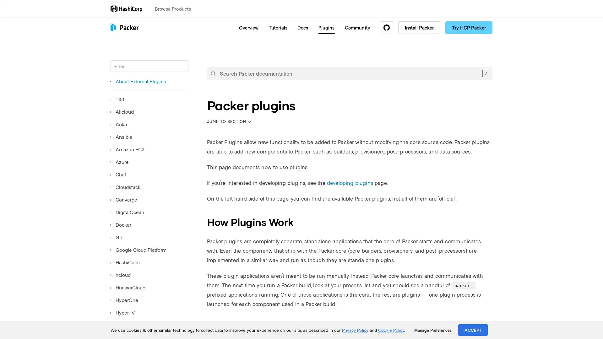  Describe the element at coordinates (473, 330) in the screenshot. I see `ACCEPT` at that location.